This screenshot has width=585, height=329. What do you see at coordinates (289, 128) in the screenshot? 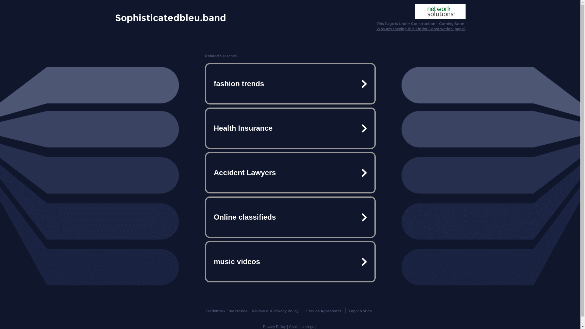
I see `'Health Insurance'` at bounding box center [289, 128].